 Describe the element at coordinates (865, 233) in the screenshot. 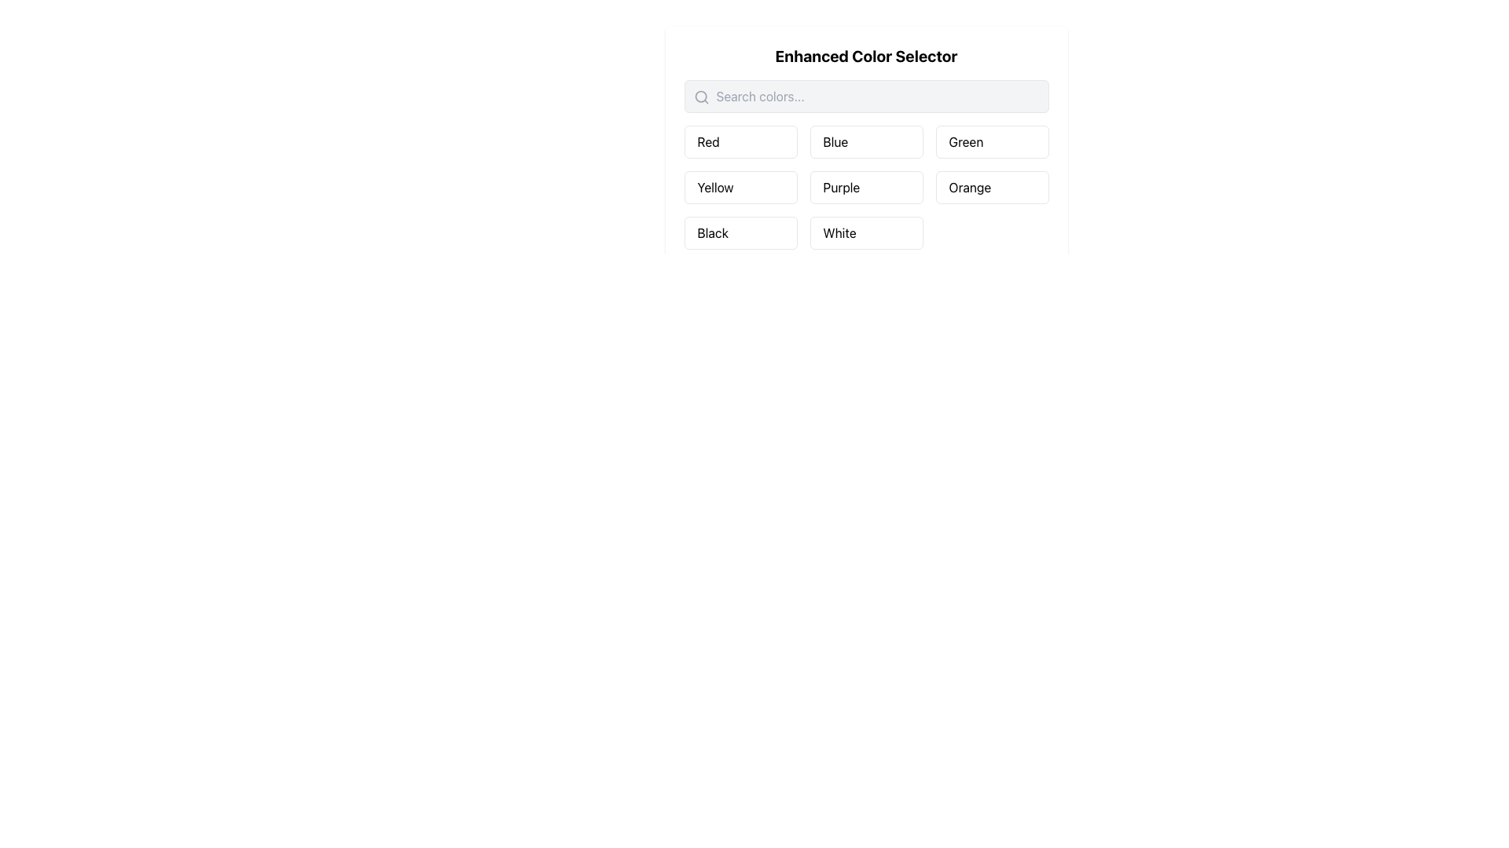

I see `the 'White' color button located in the third row, middle column of the grid` at that location.